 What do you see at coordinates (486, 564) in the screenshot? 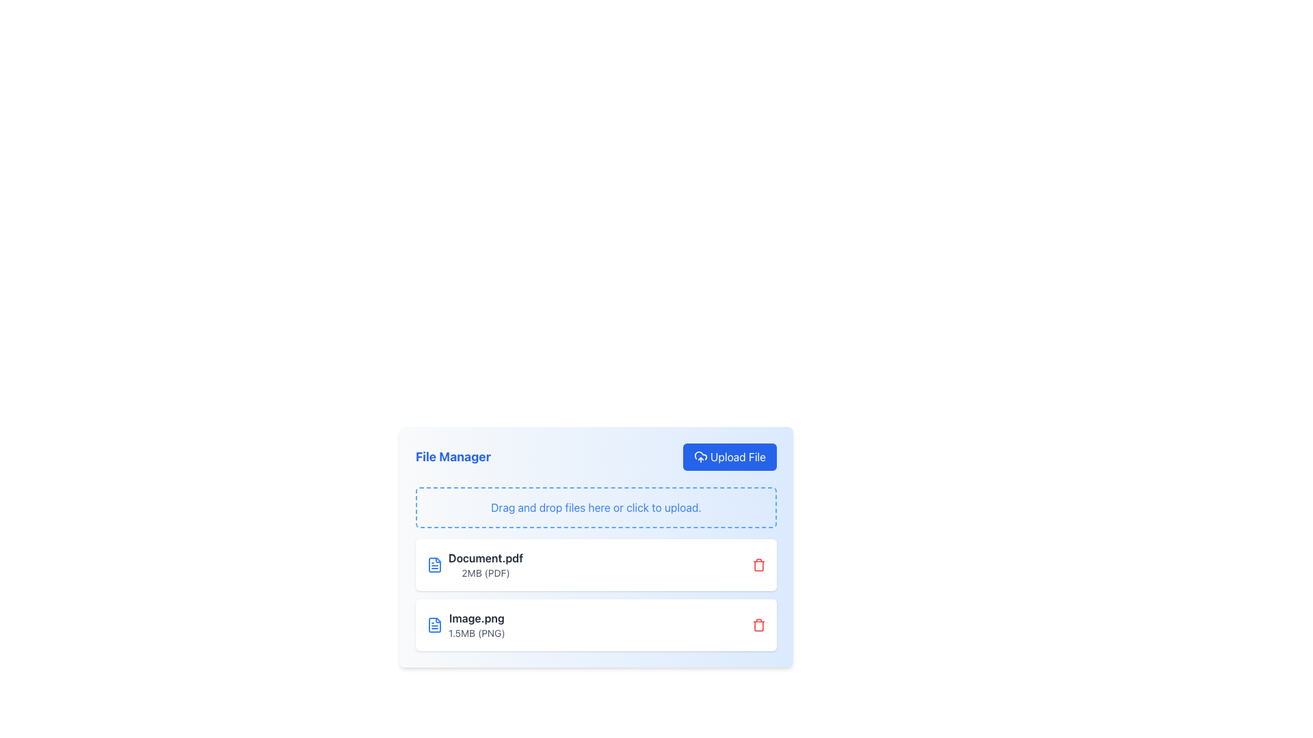
I see `the Text Label Group element displaying 'Document.pdf' and '2MB (PDF)'` at bounding box center [486, 564].